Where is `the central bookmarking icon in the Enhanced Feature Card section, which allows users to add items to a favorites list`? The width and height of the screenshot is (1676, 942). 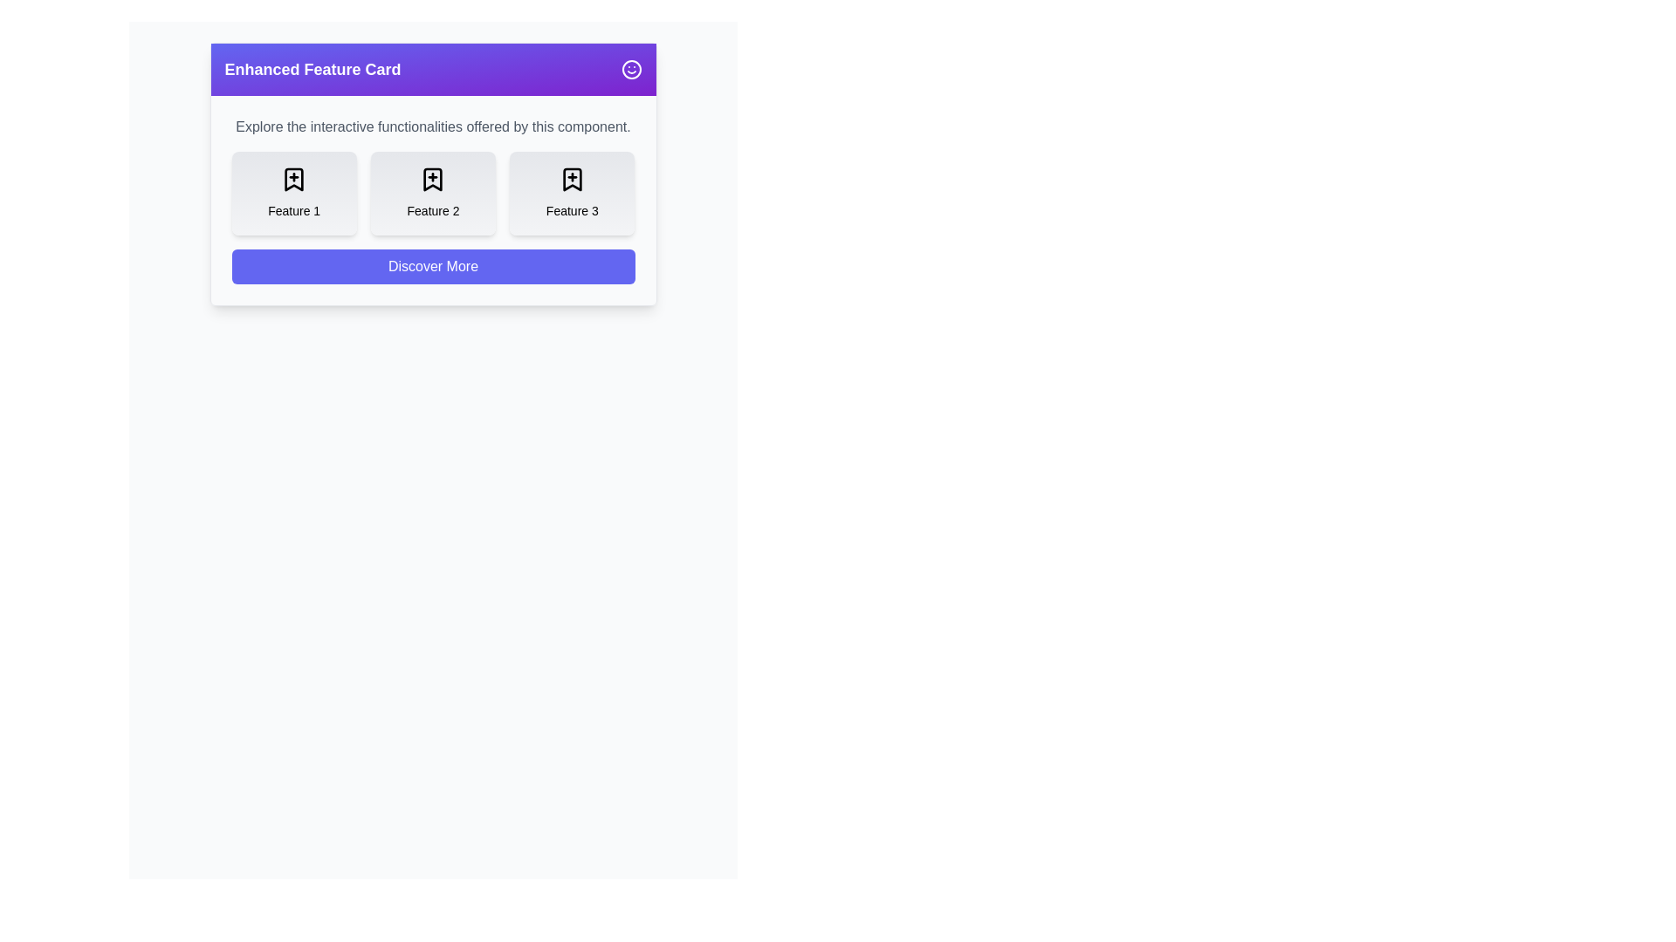 the central bookmarking icon in the Enhanced Feature Card section, which allows users to add items to a favorites list is located at coordinates (433, 179).